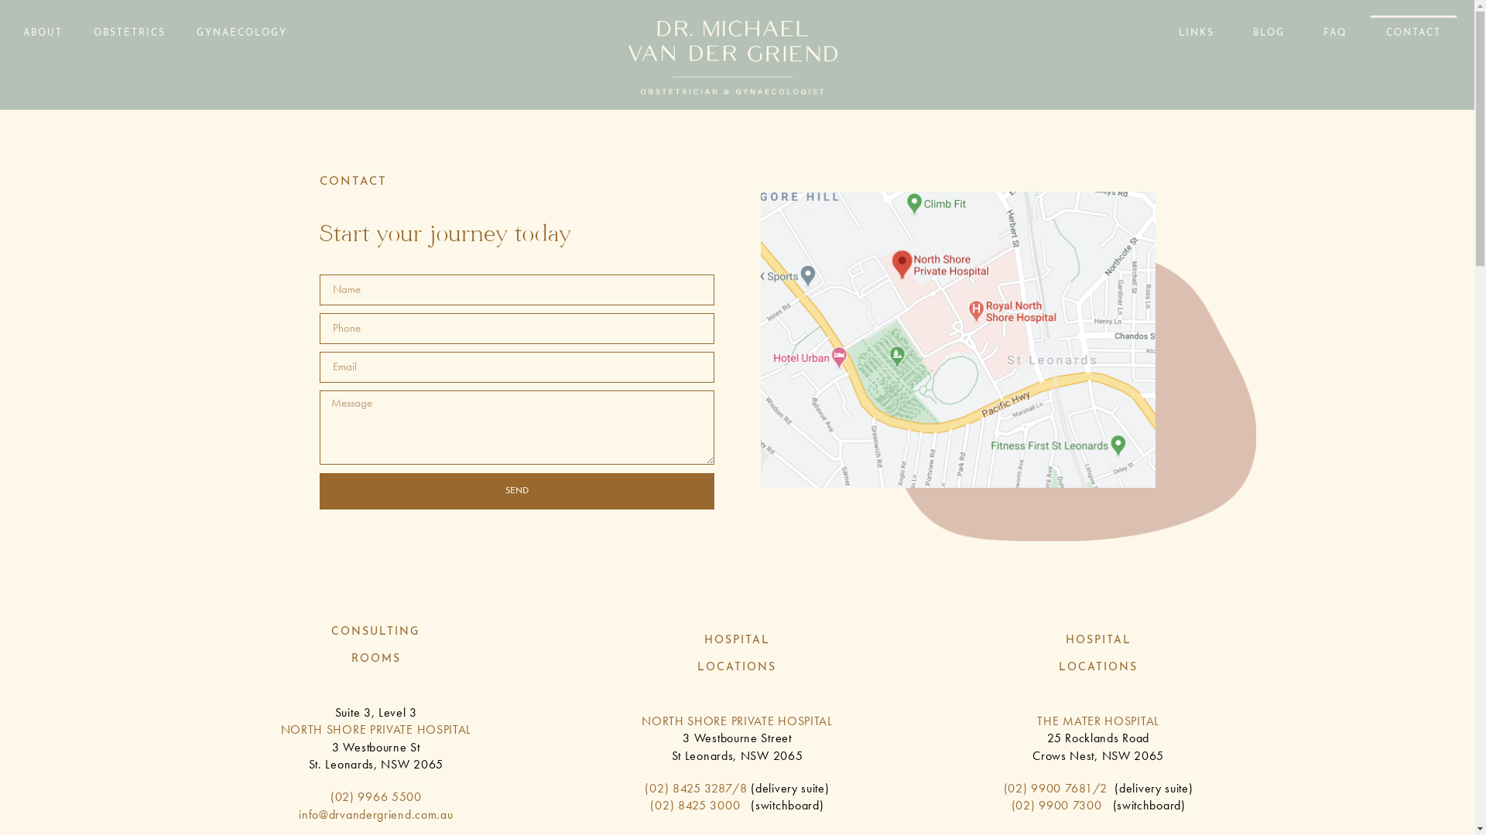 The width and height of the screenshot is (1486, 835). Describe the element at coordinates (1334, 32) in the screenshot. I see `'FAQ'` at that location.